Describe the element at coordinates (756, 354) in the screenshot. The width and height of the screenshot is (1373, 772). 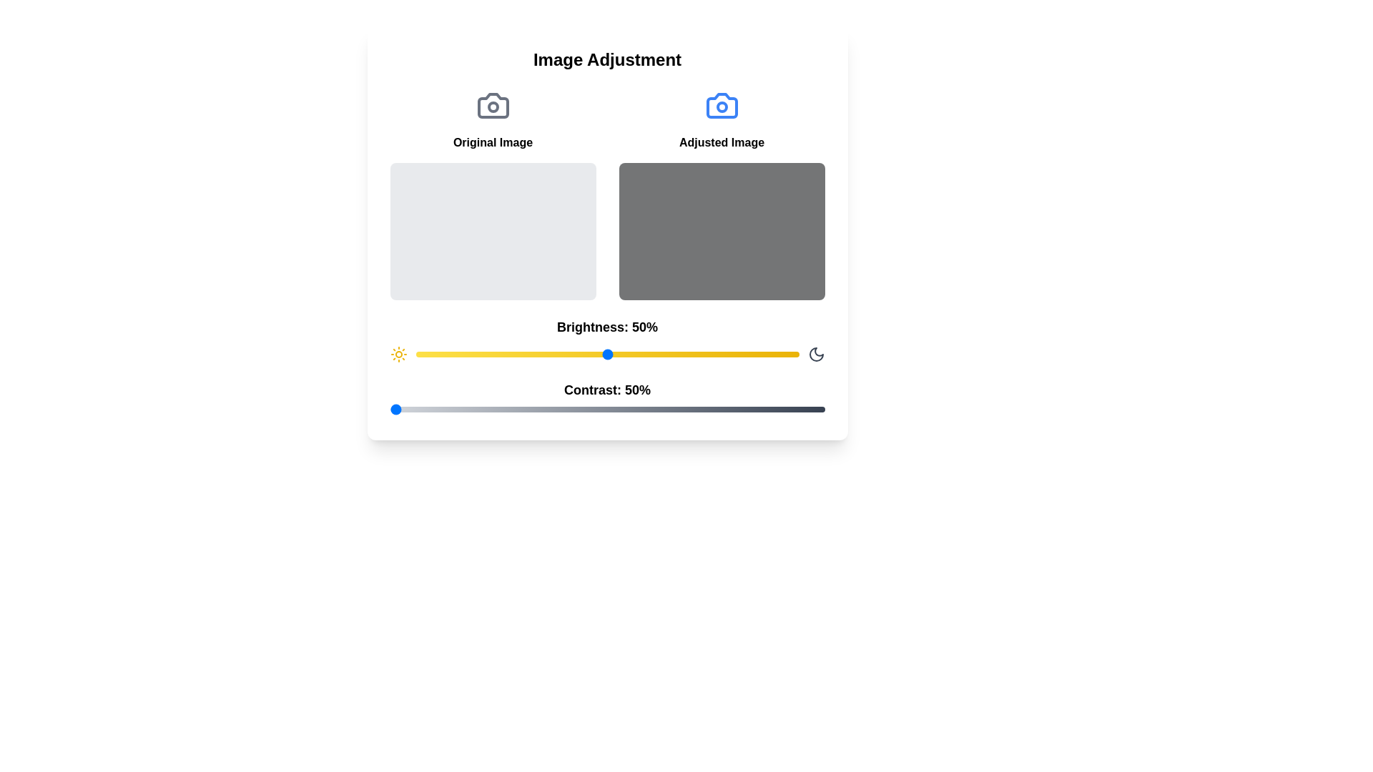
I see `the brightness` at that location.